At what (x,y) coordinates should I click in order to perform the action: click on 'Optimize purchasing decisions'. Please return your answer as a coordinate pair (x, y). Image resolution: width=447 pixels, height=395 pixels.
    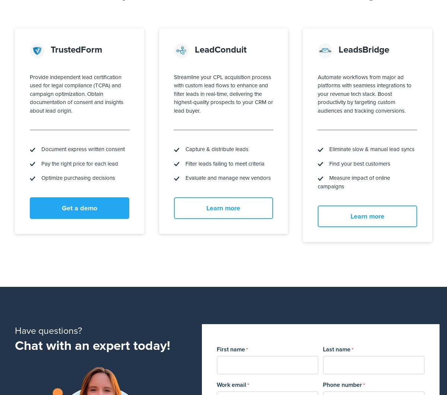
    Looking at the image, I should click on (35, 178).